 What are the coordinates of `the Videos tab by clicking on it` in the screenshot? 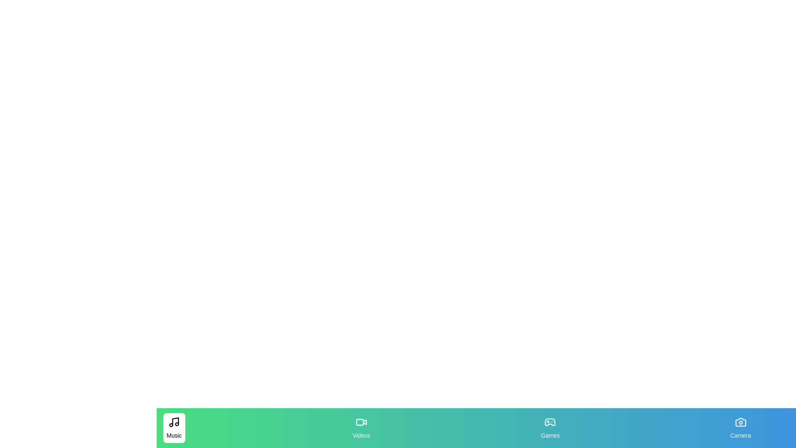 It's located at (361, 428).